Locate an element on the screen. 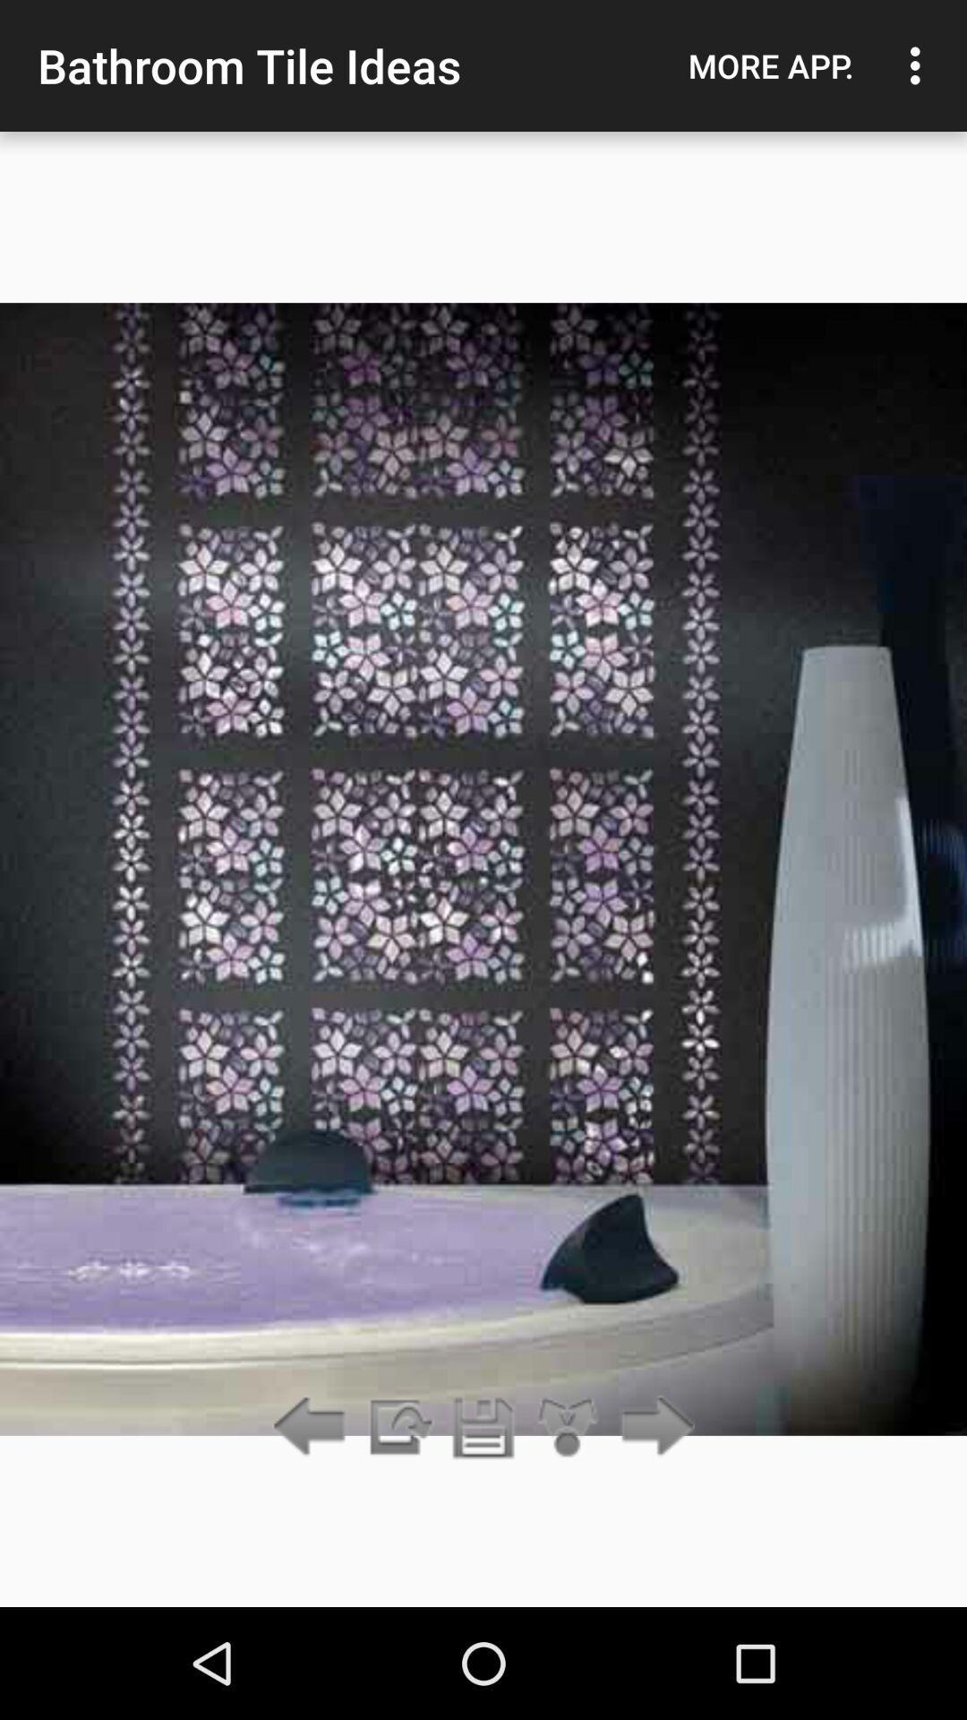  the more app. icon is located at coordinates (770, 65).